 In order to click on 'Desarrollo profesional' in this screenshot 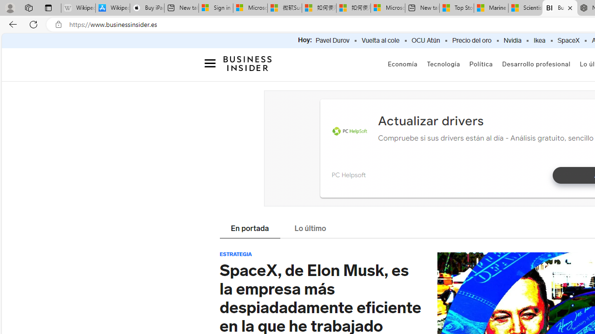, I will do `click(536, 64)`.